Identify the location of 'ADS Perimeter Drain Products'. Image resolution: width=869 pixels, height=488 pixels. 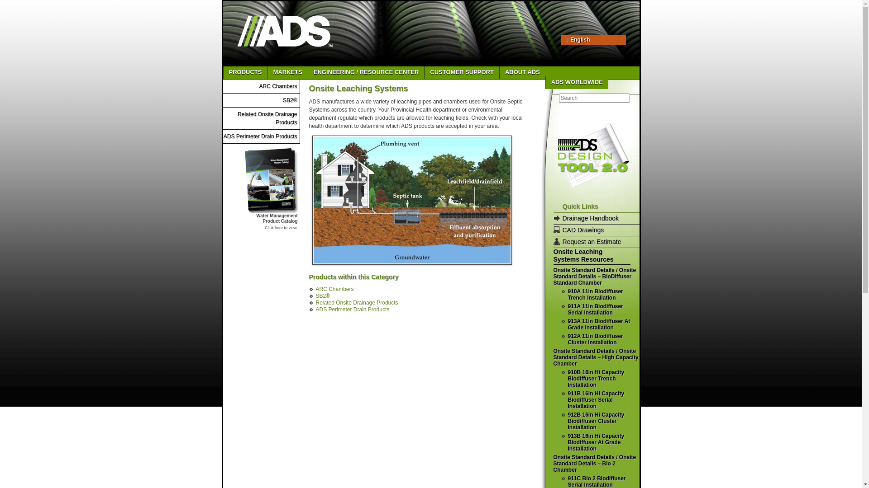
(224, 136).